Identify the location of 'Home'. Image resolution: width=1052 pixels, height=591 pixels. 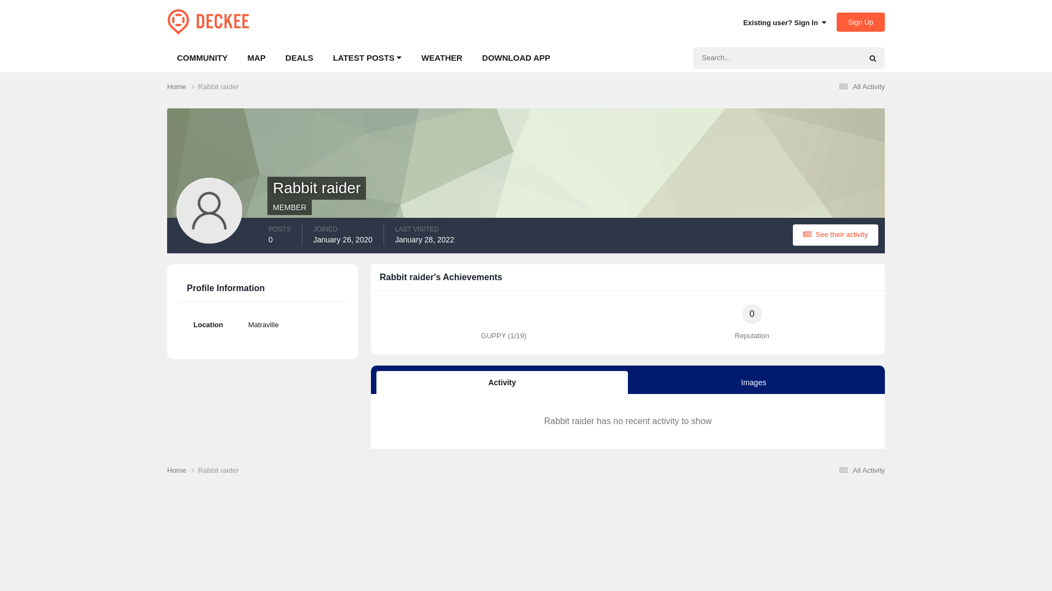
(182, 470).